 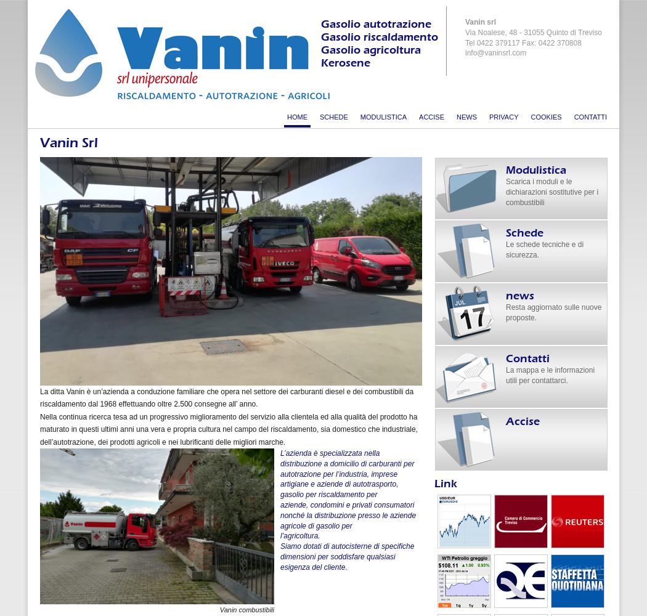 I want to click on 'L’azienda è specializzata nella distribuzione a domicilio di carburanti per', so click(x=346, y=457).